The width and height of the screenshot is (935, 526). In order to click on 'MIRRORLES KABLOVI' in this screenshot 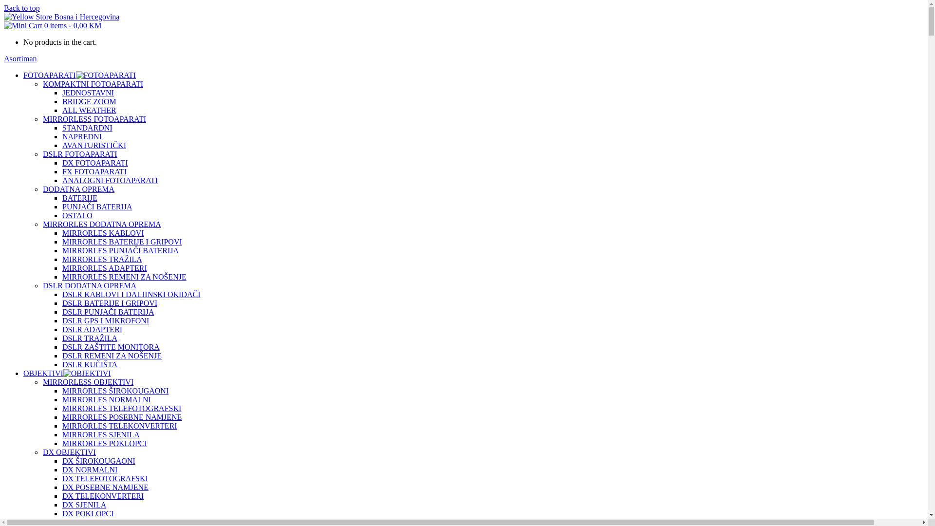, I will do `click(103, 233)`.